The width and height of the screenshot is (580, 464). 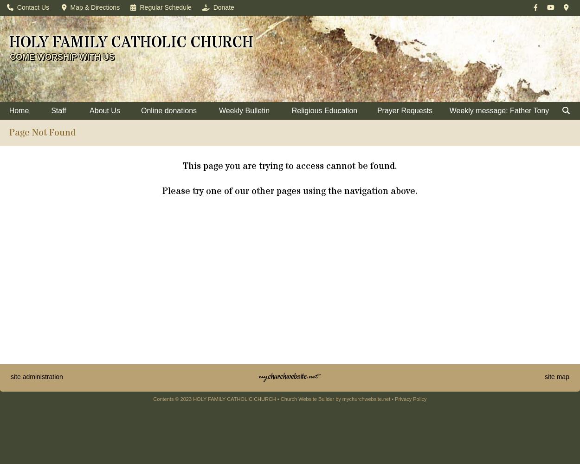 What do you see at coordinates (290, 191) in the screenshot?
I see `'Please try one of our other pages using the navigation above.'` at bounding box center [290, 191].